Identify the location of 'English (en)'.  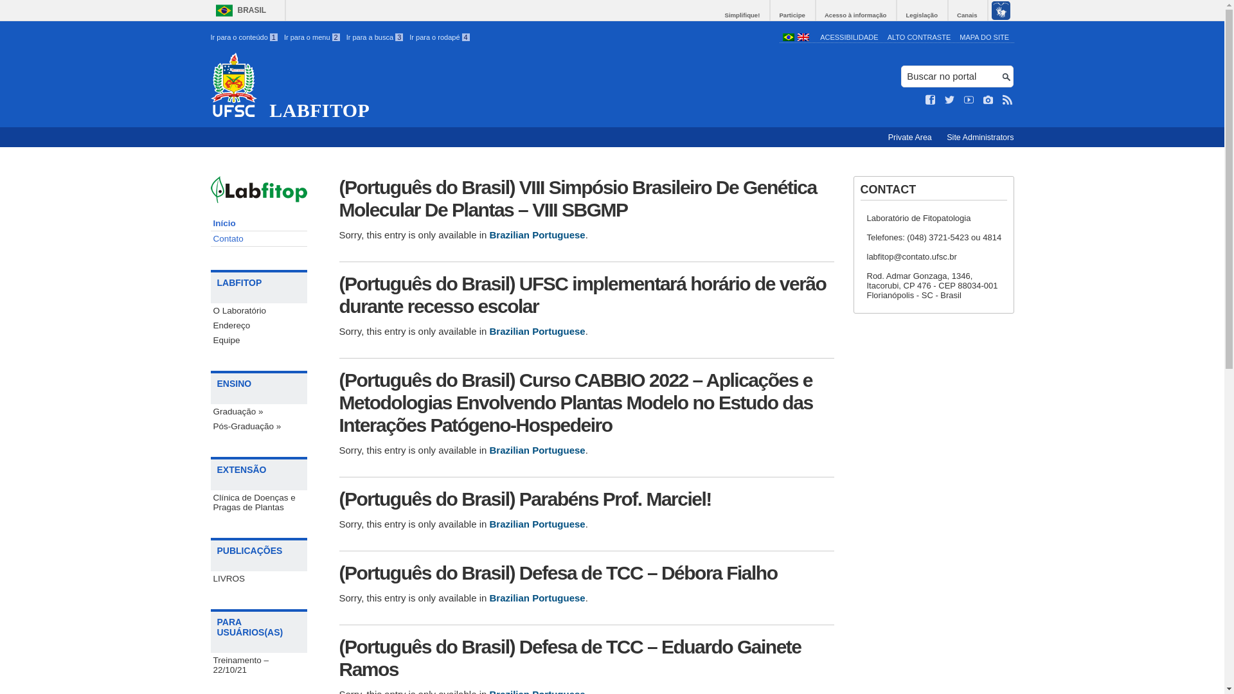
(801, 38).